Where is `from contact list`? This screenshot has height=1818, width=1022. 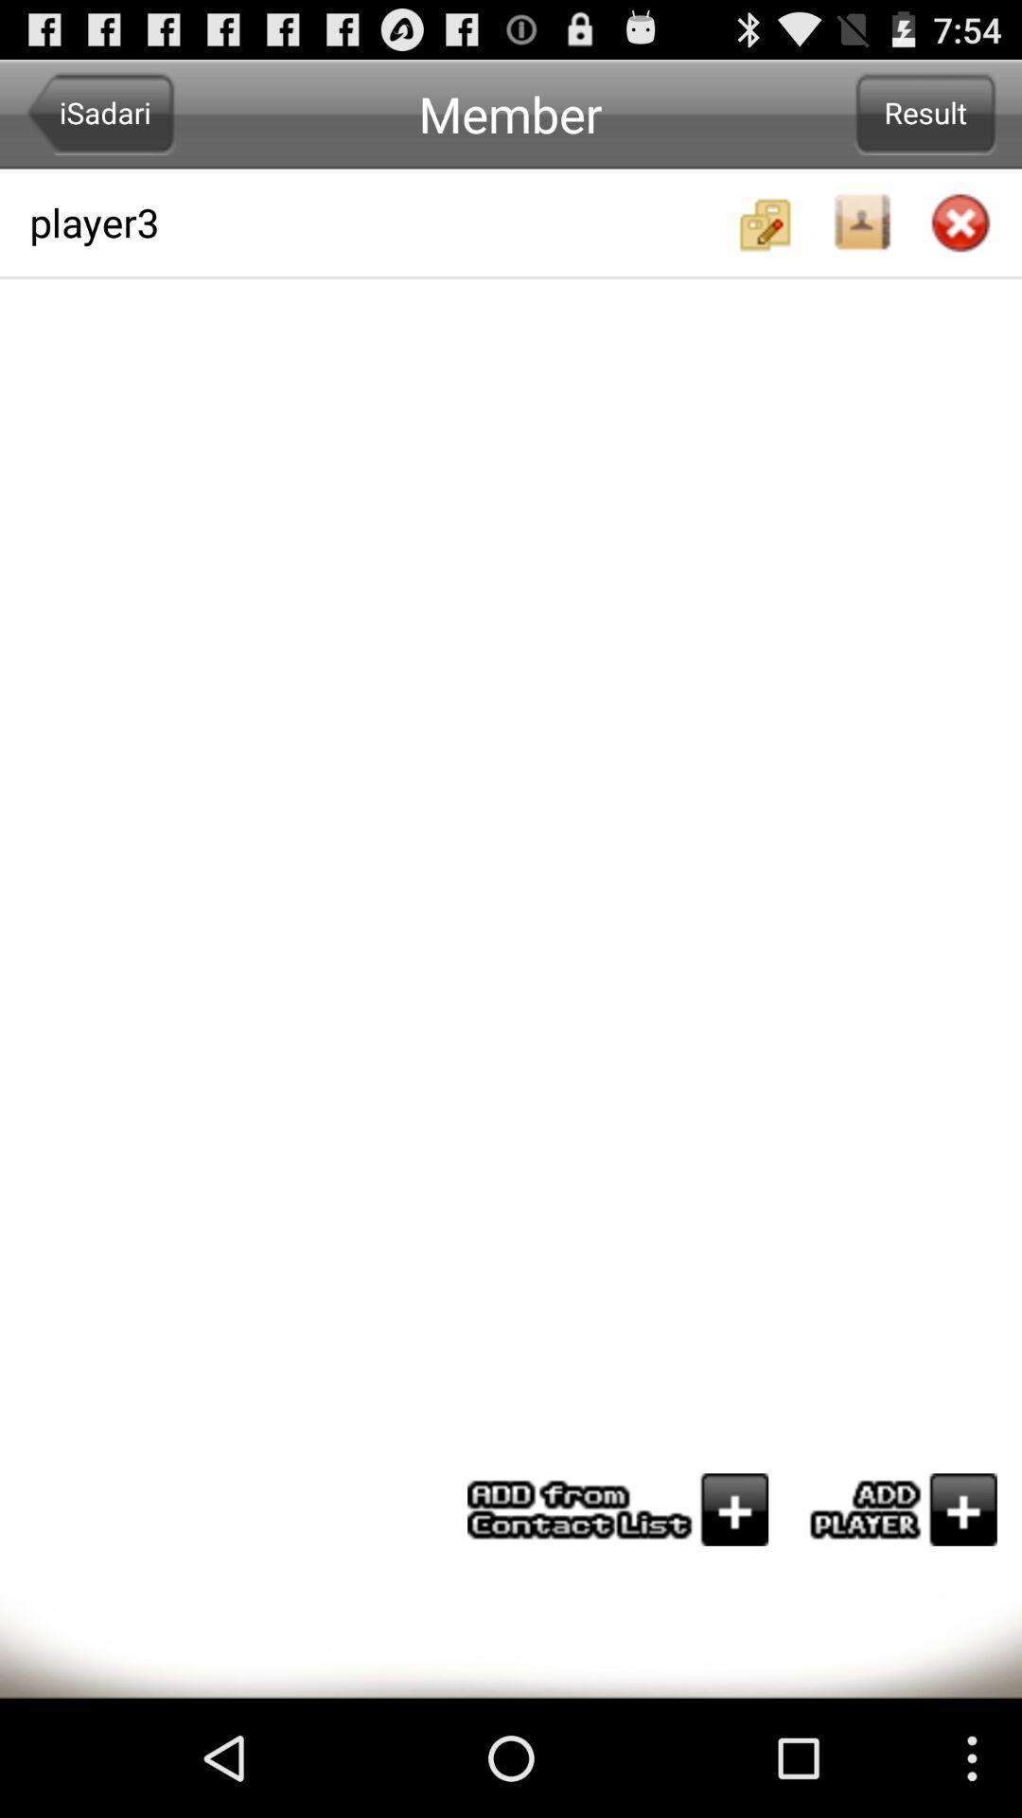
from contact list is located at coordinates (618, 1508).